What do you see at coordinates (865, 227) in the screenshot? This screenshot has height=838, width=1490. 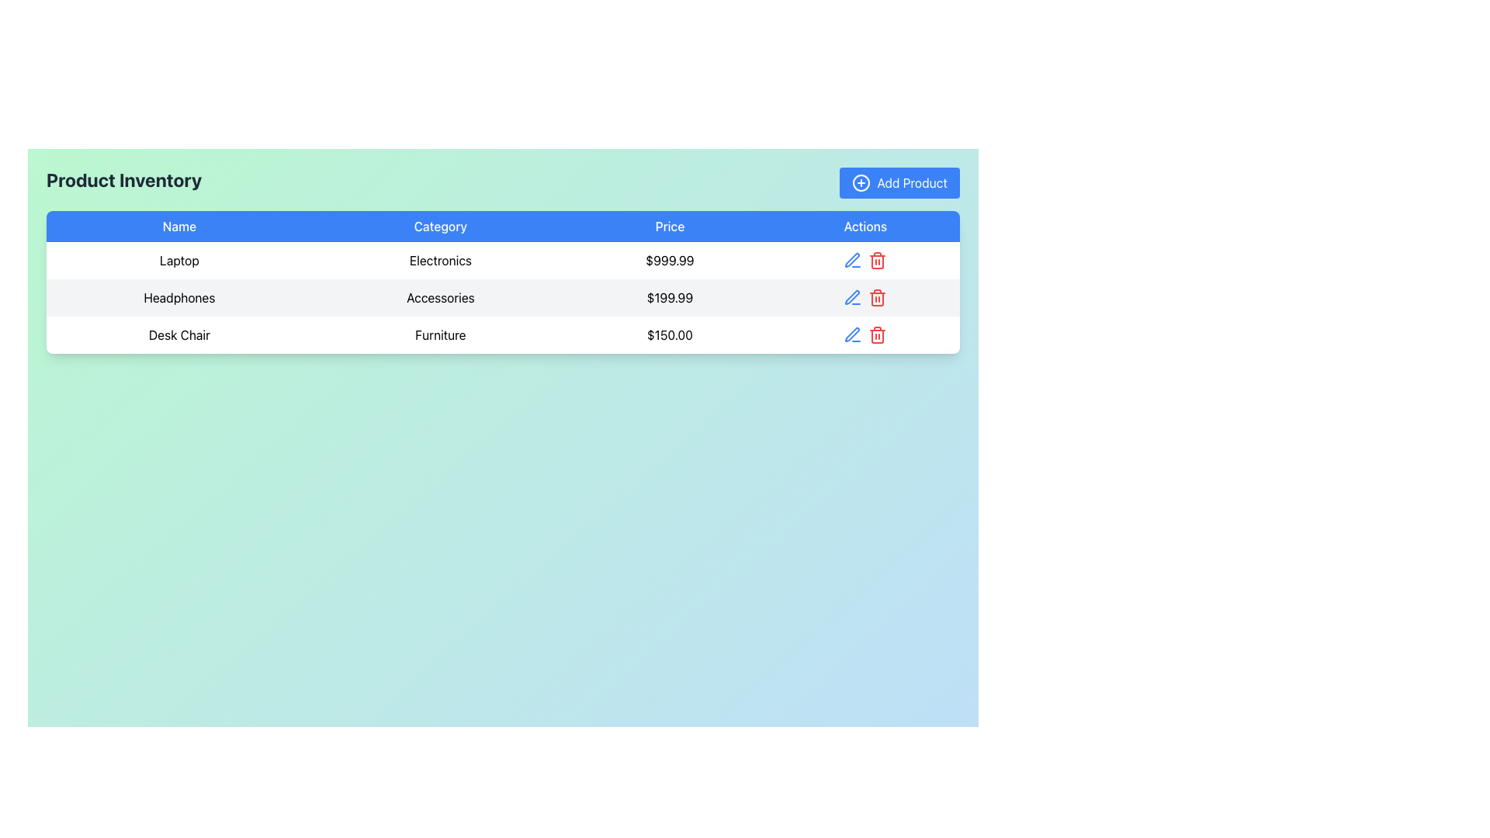 I see `the 'Actions' label in the table header, which is displayed in white font on a blue background and is the rightmost header in the row` at bounding box center [865, 227].